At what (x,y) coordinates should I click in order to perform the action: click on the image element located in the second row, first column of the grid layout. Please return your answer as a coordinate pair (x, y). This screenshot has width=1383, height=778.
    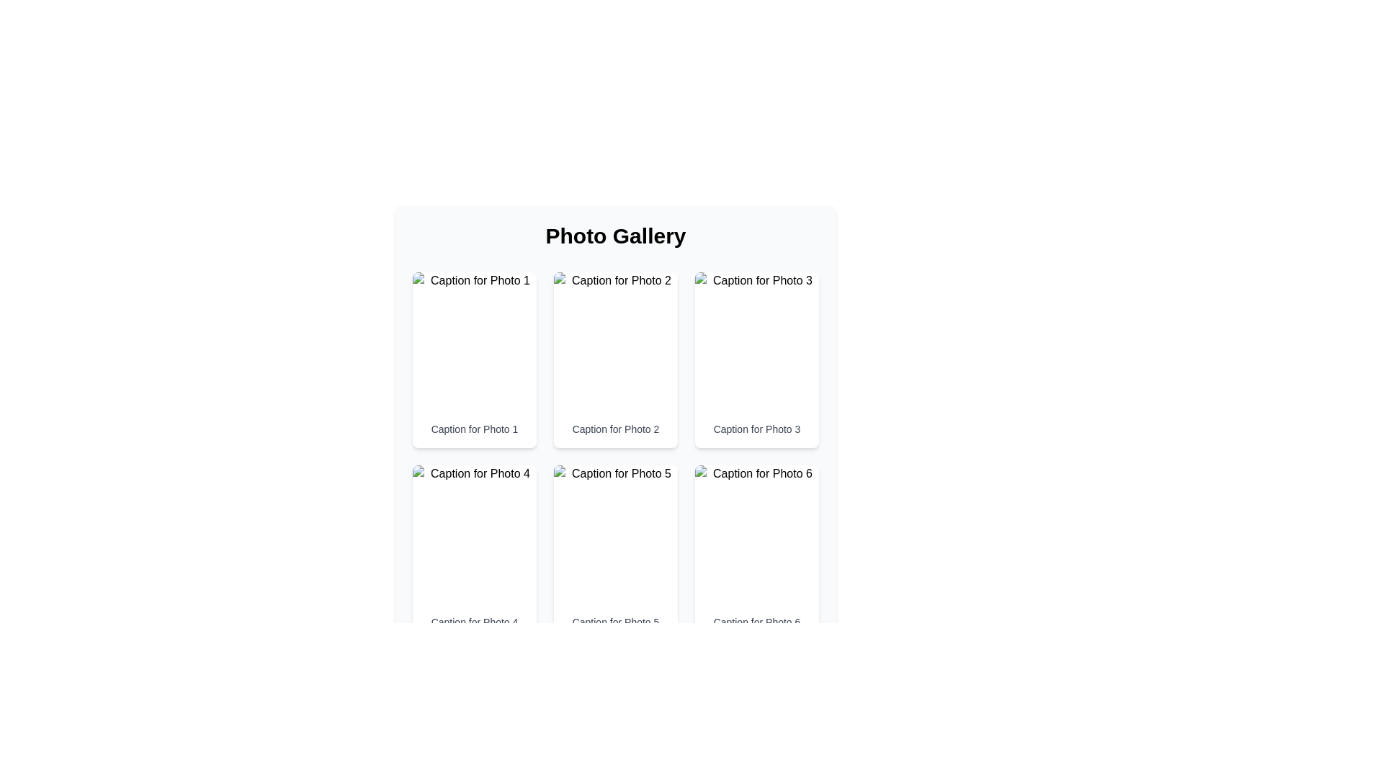
    Looking at the image, I should click on (474, 534).